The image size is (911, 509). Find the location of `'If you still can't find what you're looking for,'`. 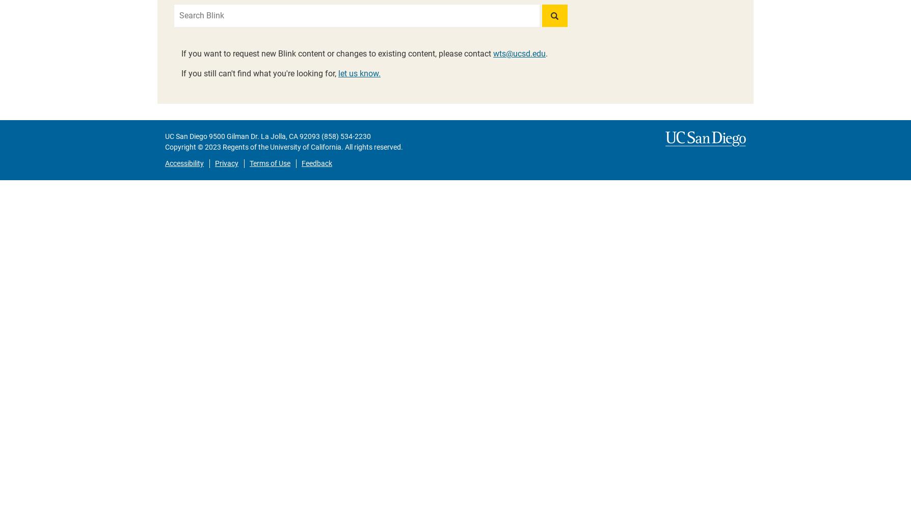

'If you still can't find what you're looking for,' is located at coordinates (259, 73).